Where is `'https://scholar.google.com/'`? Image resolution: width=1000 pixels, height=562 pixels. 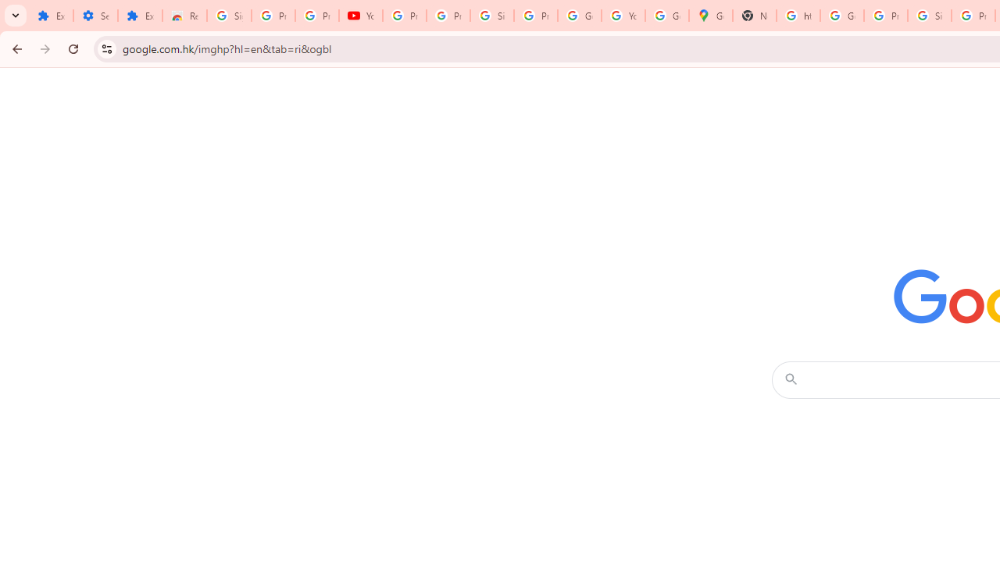
'https://scholar.google.com/' is located at coordinates (798, 16).